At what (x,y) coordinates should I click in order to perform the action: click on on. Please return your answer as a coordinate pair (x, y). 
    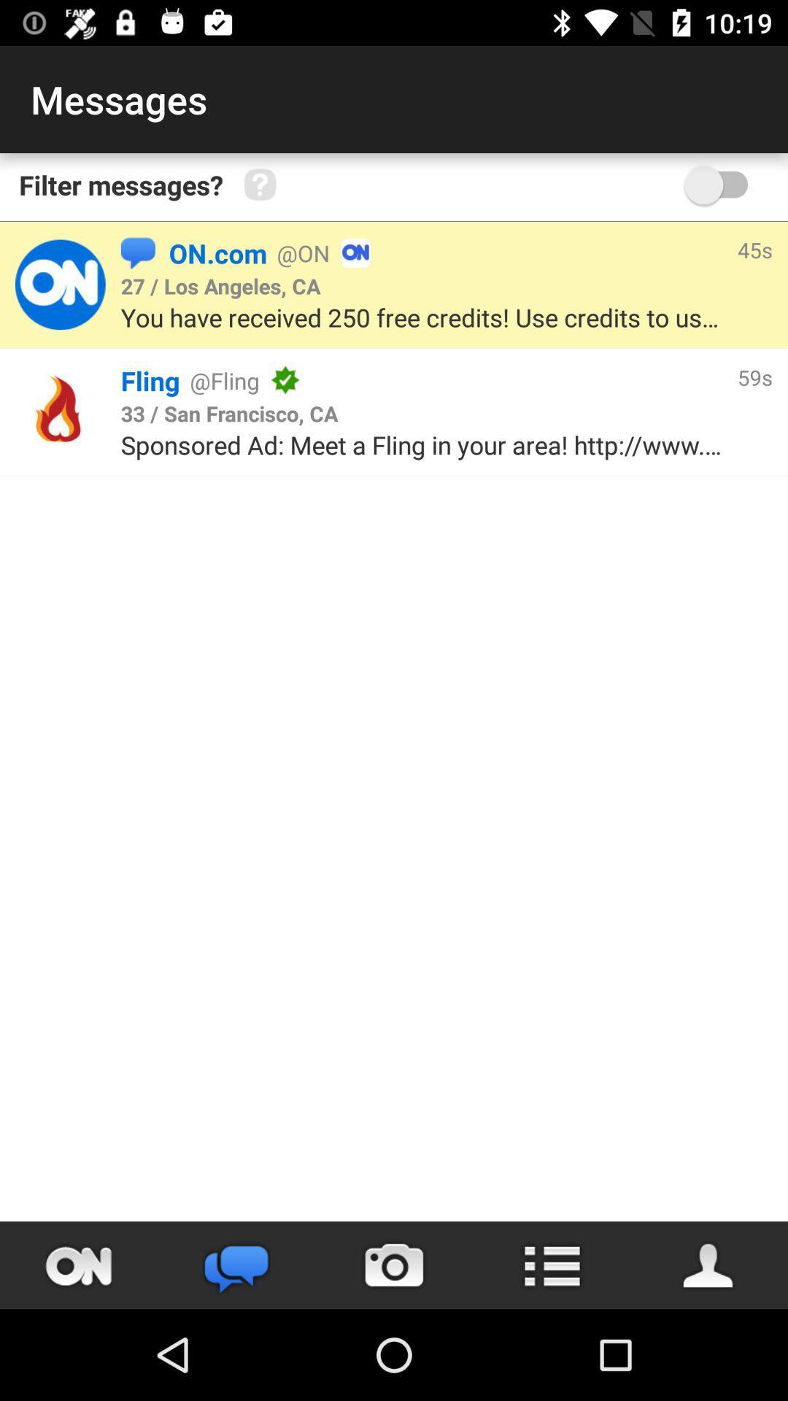
    Looking at the image, I should click on (79, 1265).